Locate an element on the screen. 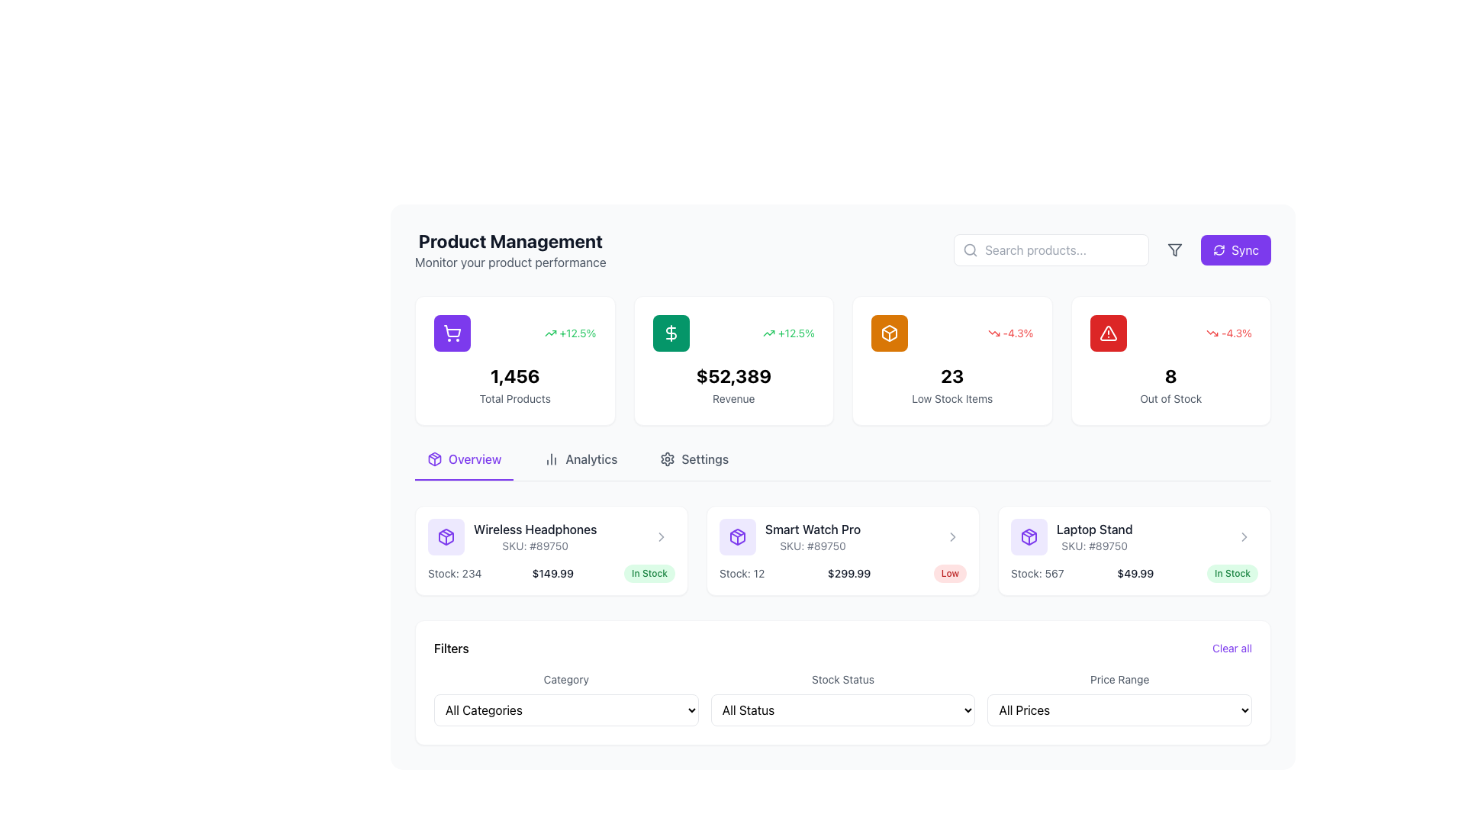 The width and height of the screenshot is (1465, 824). the chevron icon located in the bottom-right corner of the 'Laptop Stand' product card to trigger hover effects is located at coordinates (1244, 536).